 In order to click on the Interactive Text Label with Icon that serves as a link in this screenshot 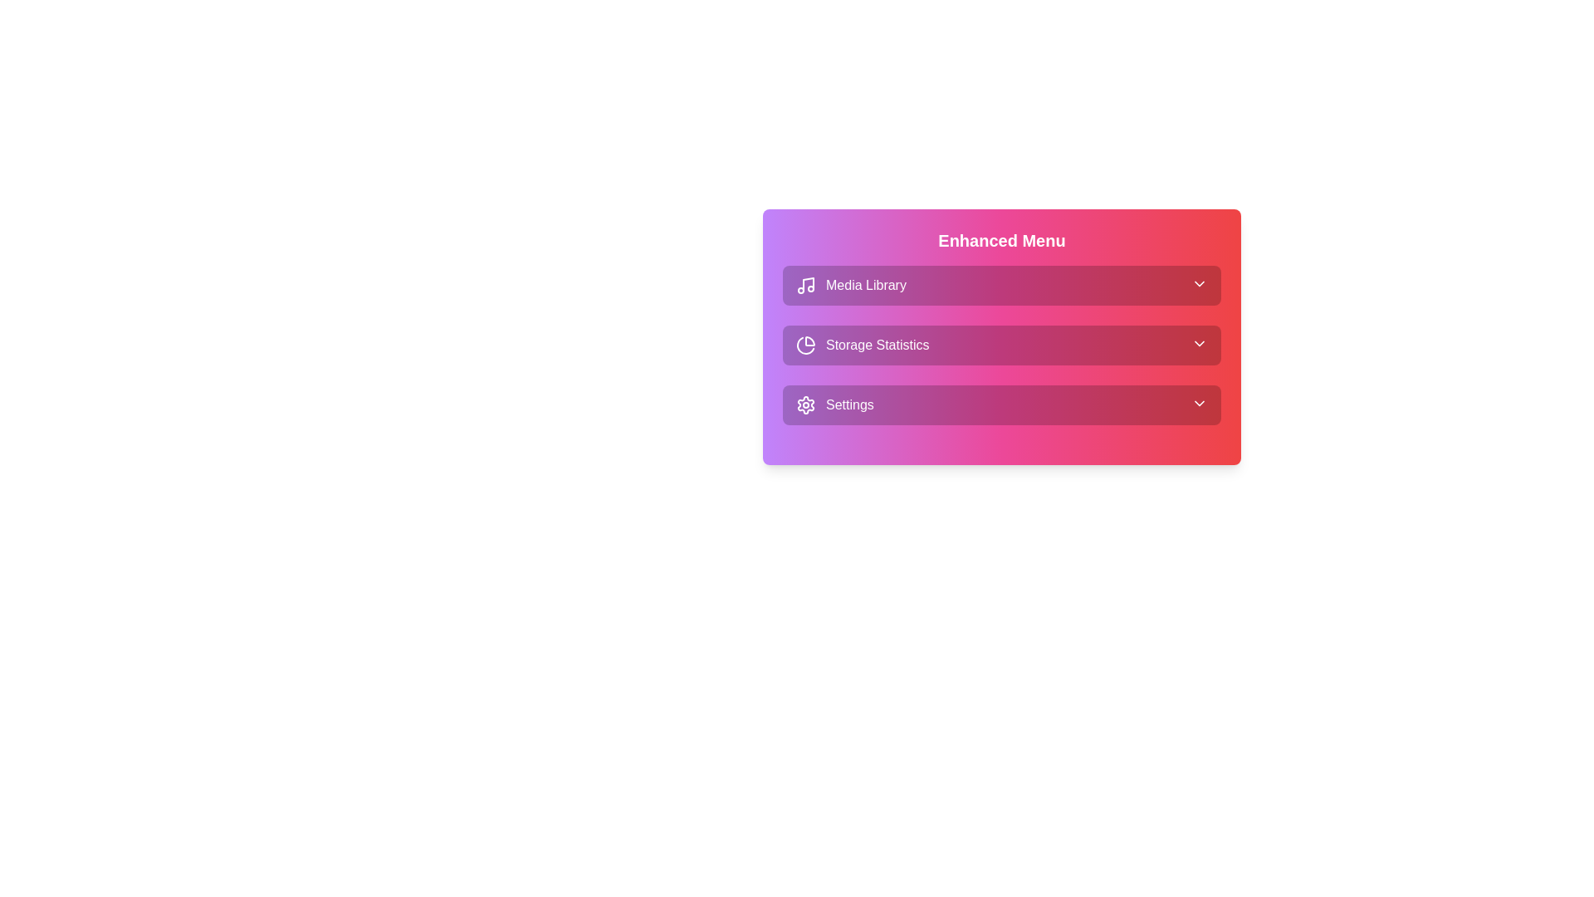, I will do `click(834, 405)`.